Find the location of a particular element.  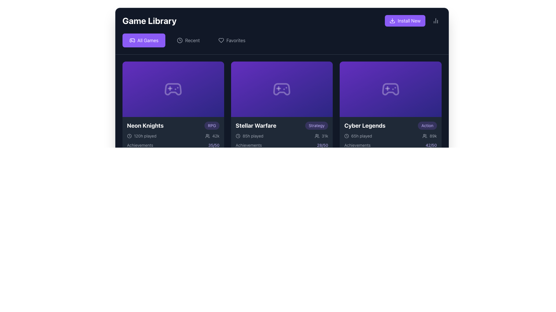

the gaming icon in the second card labeled 'Stellar Warfare' in the game library interface is located at coordinates (282, 89).